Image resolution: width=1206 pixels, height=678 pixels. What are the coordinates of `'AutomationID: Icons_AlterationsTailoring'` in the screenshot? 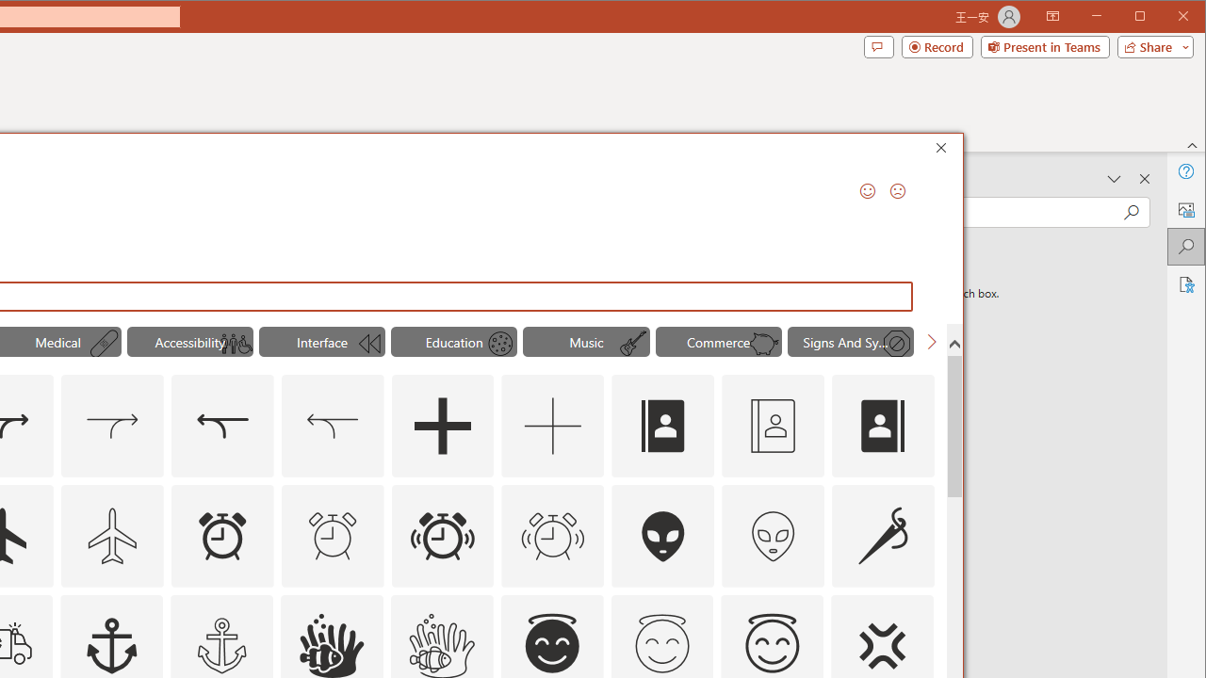 It's located at (883, 535).